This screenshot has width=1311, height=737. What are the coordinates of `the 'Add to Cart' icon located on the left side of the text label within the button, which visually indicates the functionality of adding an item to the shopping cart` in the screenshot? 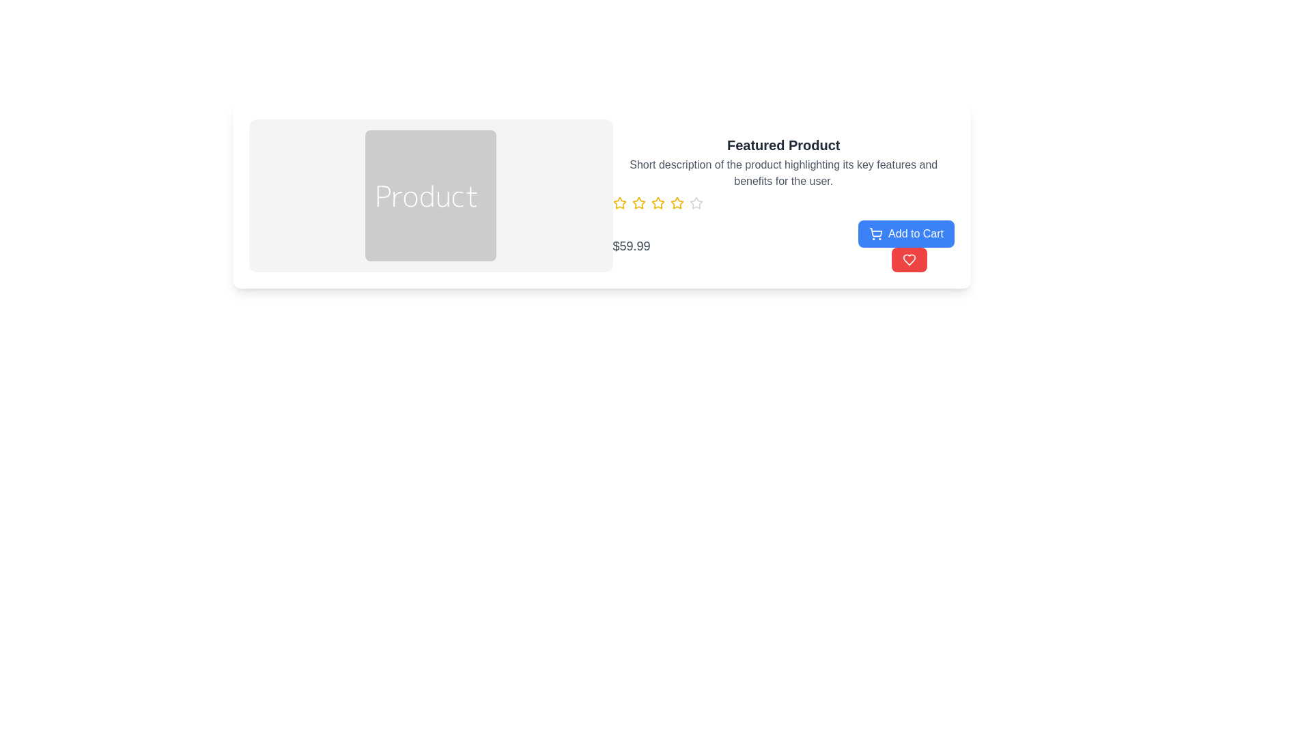 It's located at (876, 233).